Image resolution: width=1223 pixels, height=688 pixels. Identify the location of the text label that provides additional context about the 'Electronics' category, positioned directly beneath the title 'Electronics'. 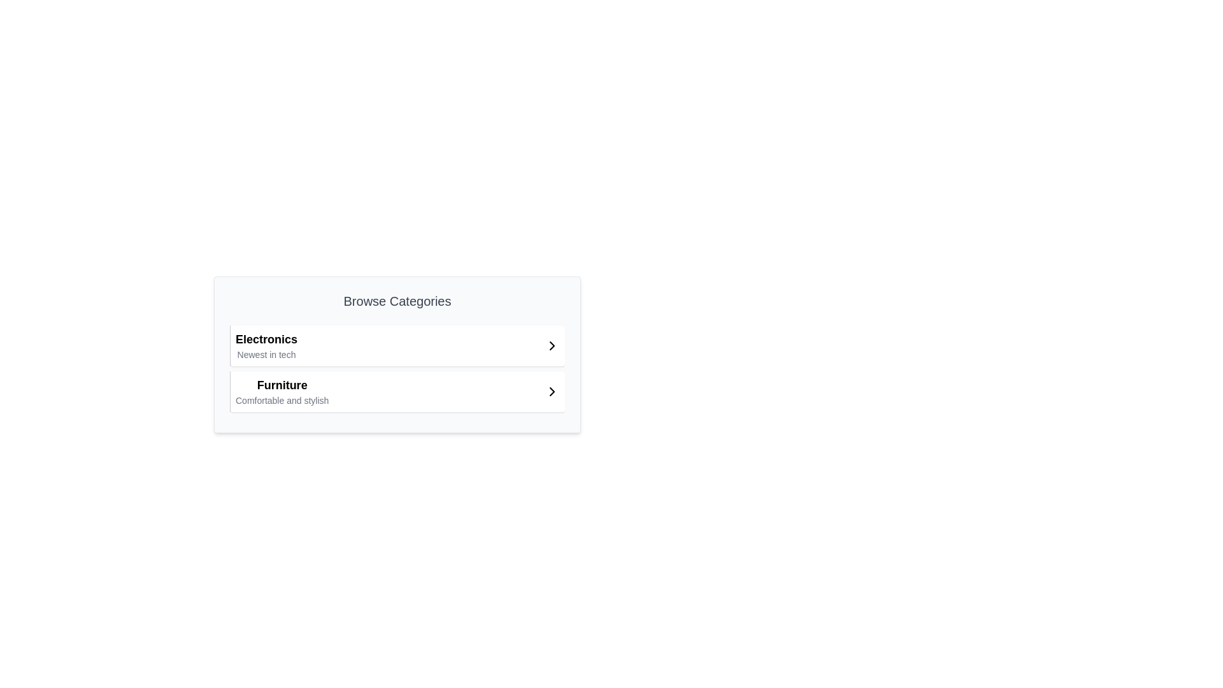
(266, 354).